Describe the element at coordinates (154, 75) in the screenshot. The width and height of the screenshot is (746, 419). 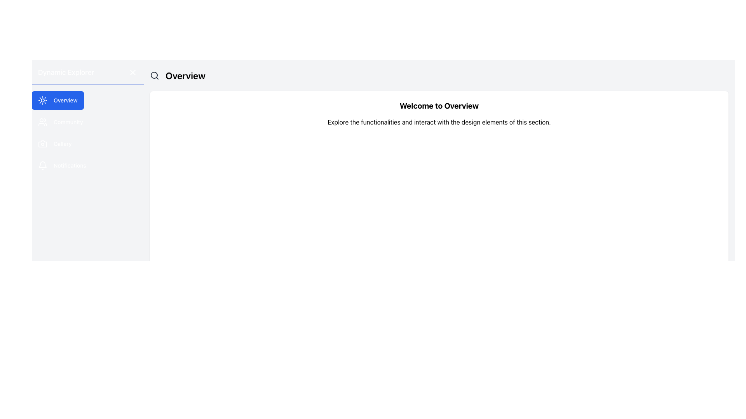
I see `the SVG Circle element representing the lens of the magnifying glass icon, located next to the 'Overview' text at the upper center-right area of the interface` at that location.